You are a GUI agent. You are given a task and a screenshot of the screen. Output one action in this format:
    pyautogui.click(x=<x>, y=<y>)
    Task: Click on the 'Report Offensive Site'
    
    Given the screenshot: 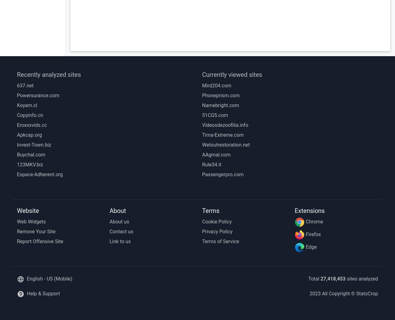 What is the action you would take?
    pyautogui.click(x=40, y=241)
    